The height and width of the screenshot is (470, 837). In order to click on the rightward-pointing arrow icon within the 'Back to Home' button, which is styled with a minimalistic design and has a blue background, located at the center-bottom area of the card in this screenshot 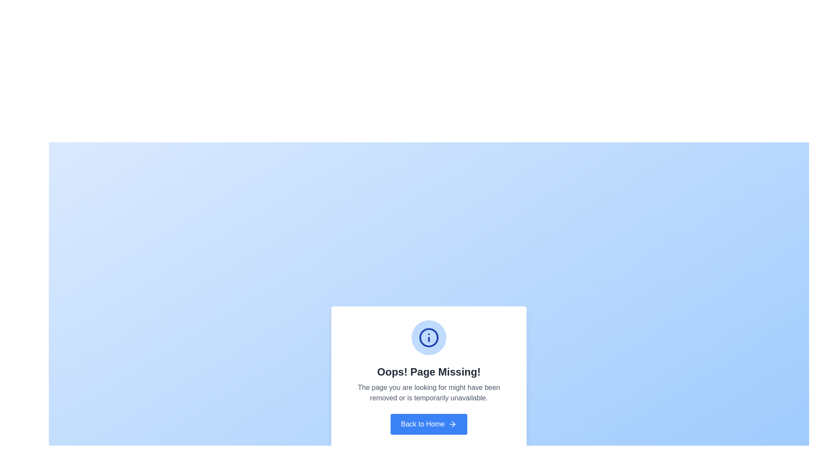, I will do `click(453, 423)`.